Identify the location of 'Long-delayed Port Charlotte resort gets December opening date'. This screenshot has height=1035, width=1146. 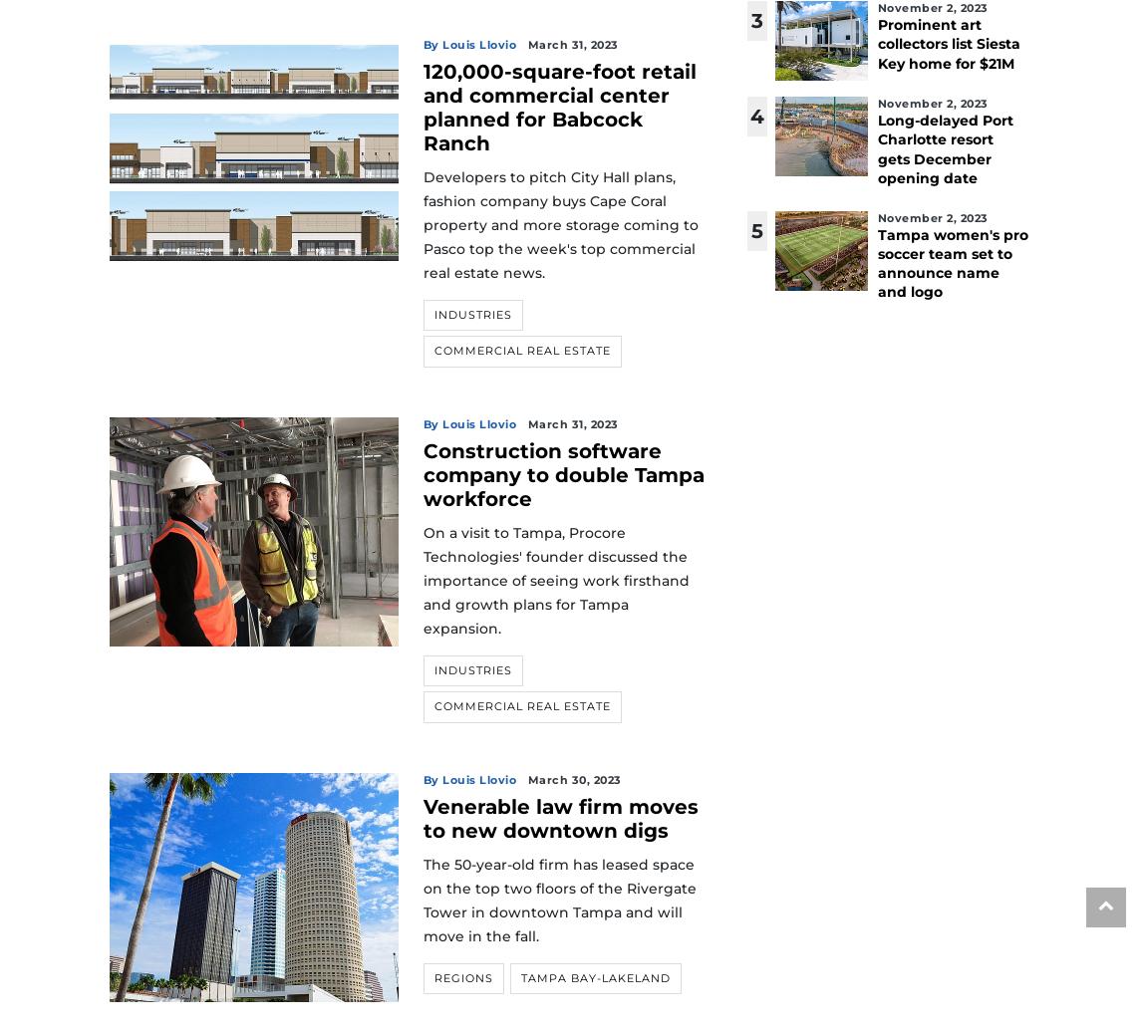
(876, 147).